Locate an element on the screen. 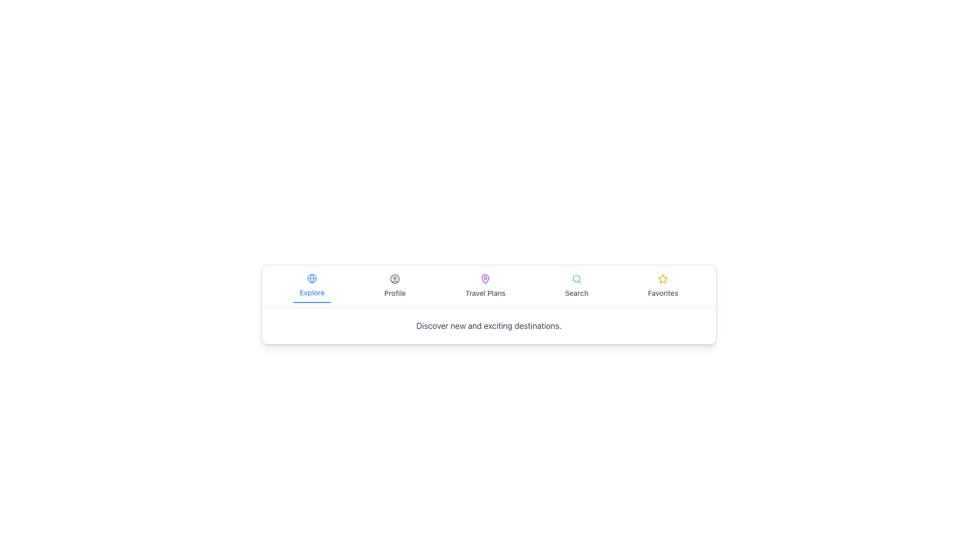 The width and height of the screenshot is (976, 549). the purple map pin icon located above the 'Travel Plans' text in the bottom navigation bar is located at coordinates (485, 279).